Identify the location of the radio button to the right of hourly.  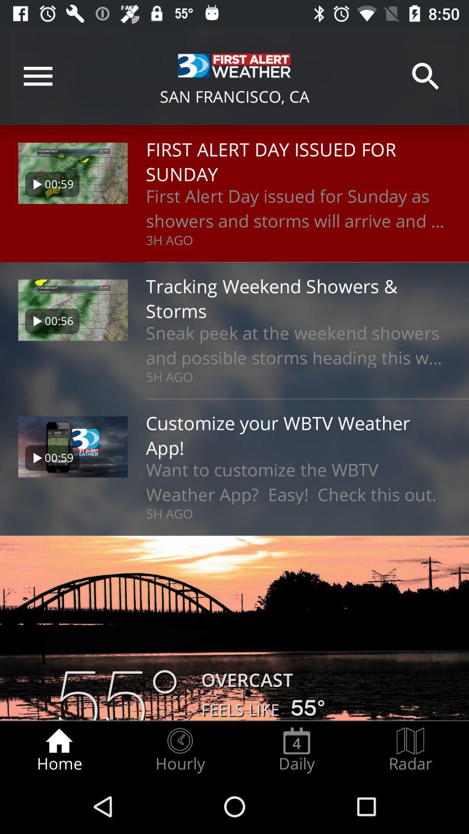
(296, 750).